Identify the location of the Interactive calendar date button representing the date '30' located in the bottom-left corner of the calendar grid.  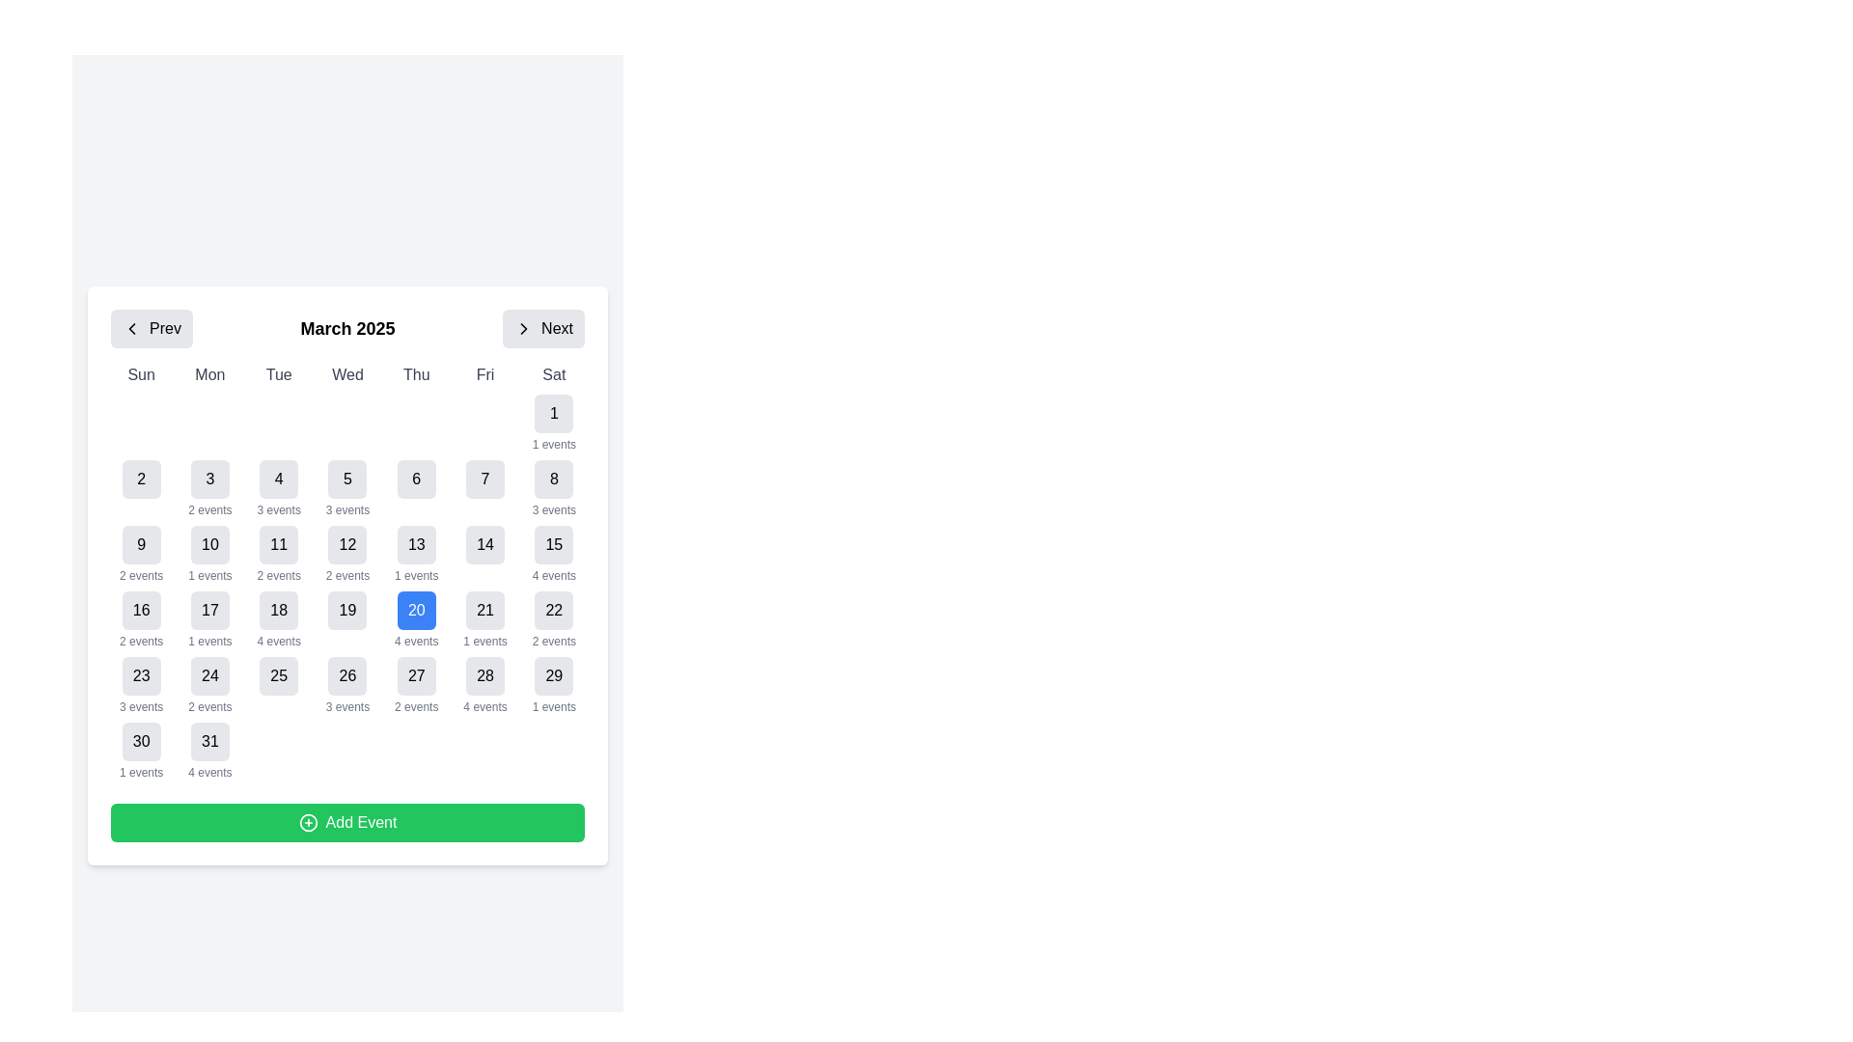
(140, 740).